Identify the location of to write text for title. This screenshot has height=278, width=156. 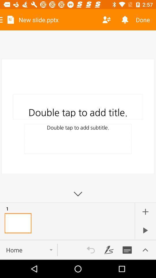
(127, 250).